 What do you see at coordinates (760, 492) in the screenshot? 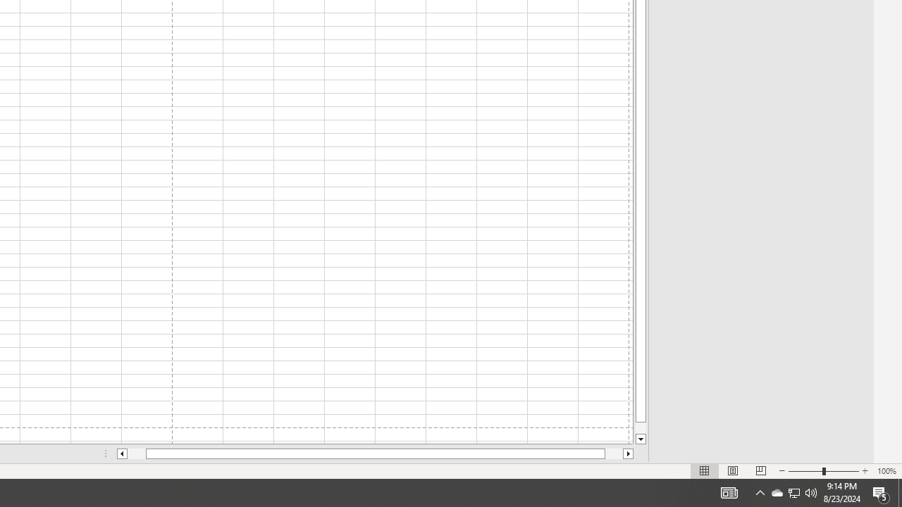
I see `'Notification Chevron'` at bounding box center [760, 492].